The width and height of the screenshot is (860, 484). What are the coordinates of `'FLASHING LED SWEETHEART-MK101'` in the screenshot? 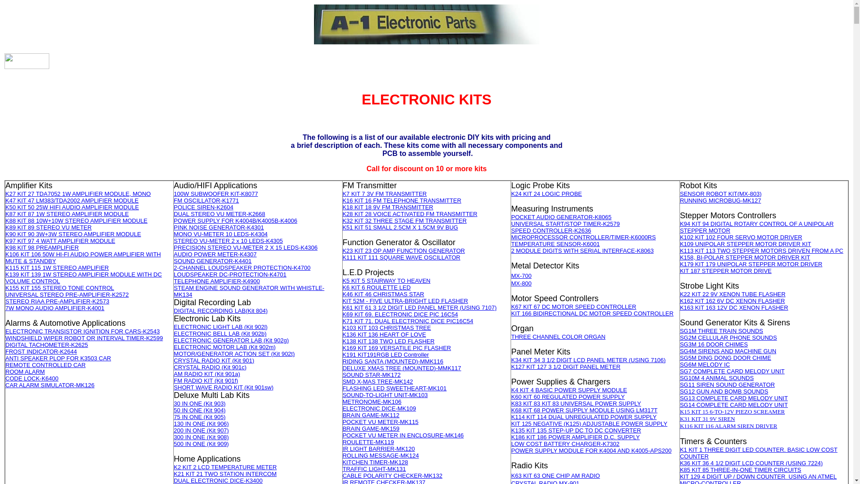 It's located at (394, 388).